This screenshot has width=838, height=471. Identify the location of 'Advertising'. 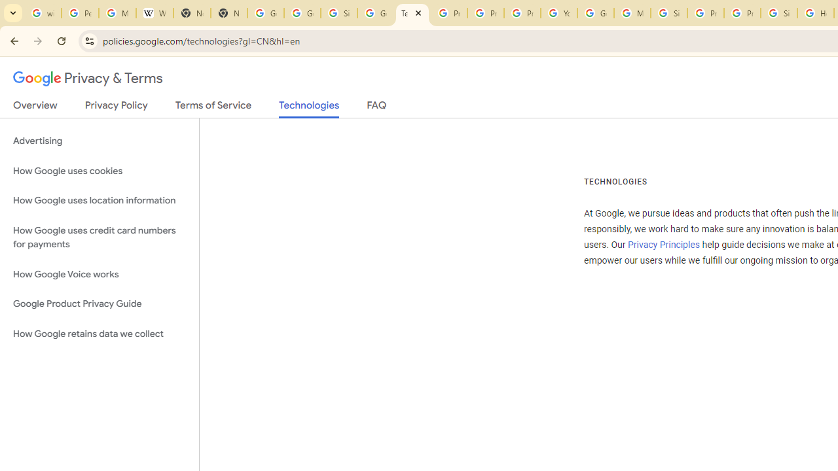
(99, 141).